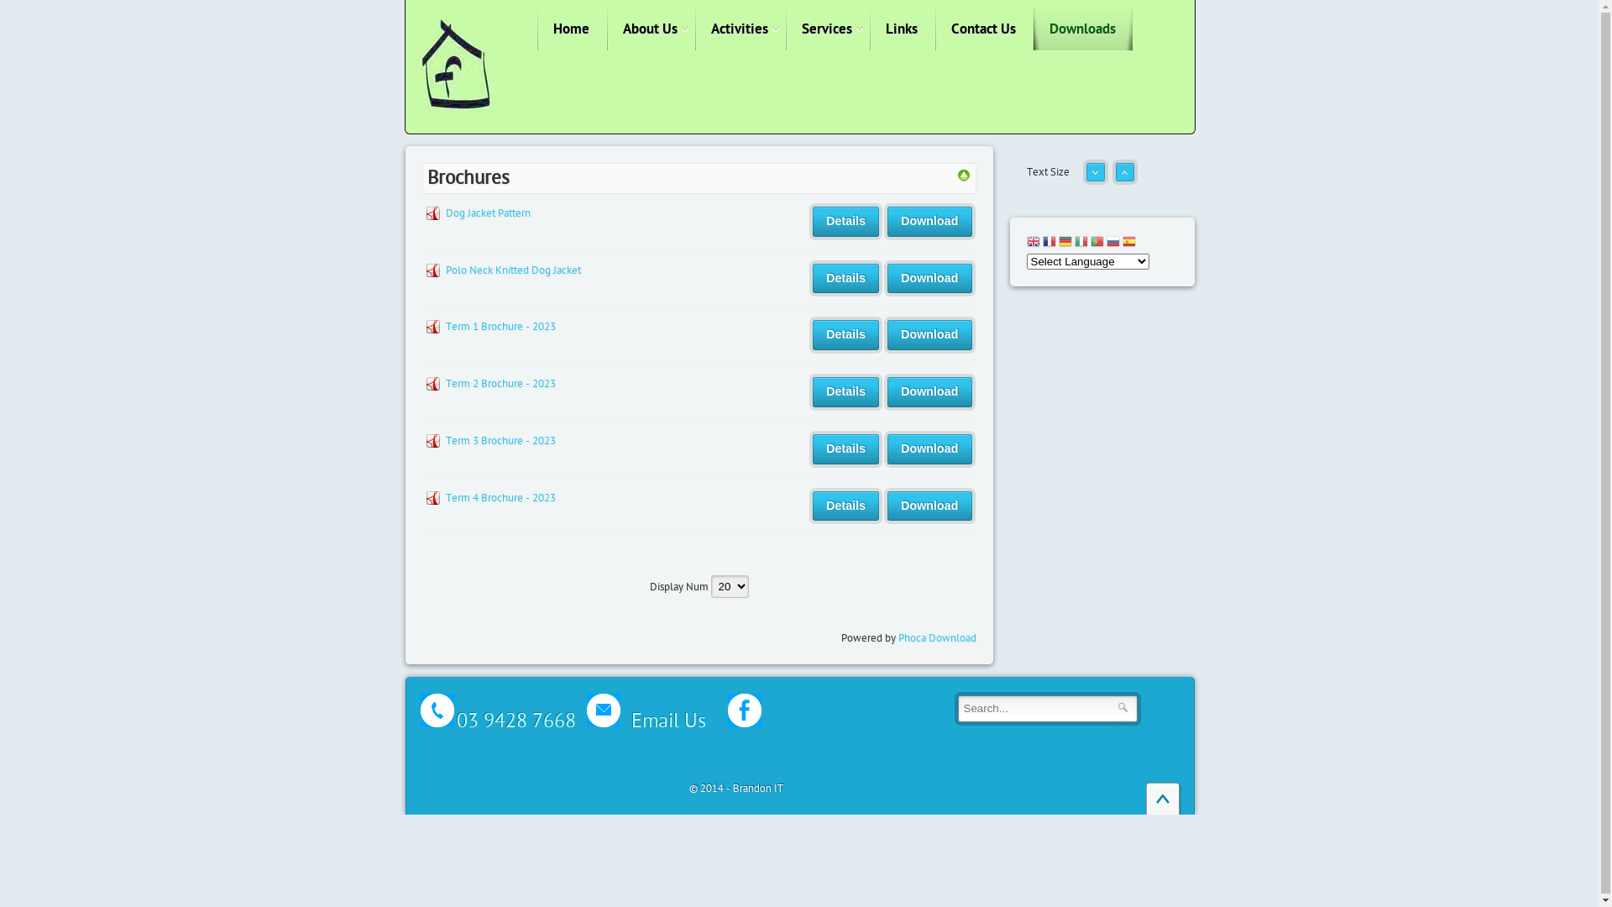 This screenshot has height=907, width=1612. What do you see at coordinates (515, 720) in the screenshot?
I see `'03 9428 7668'` at bounding box center [515, 720].